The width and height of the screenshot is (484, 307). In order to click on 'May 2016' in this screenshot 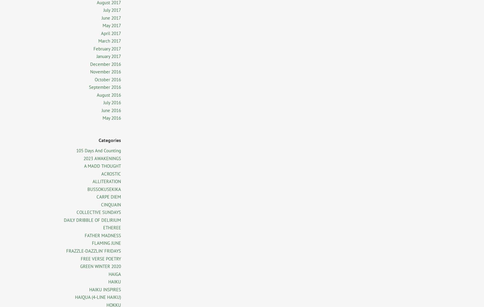, I will do `click(112, 118)`.